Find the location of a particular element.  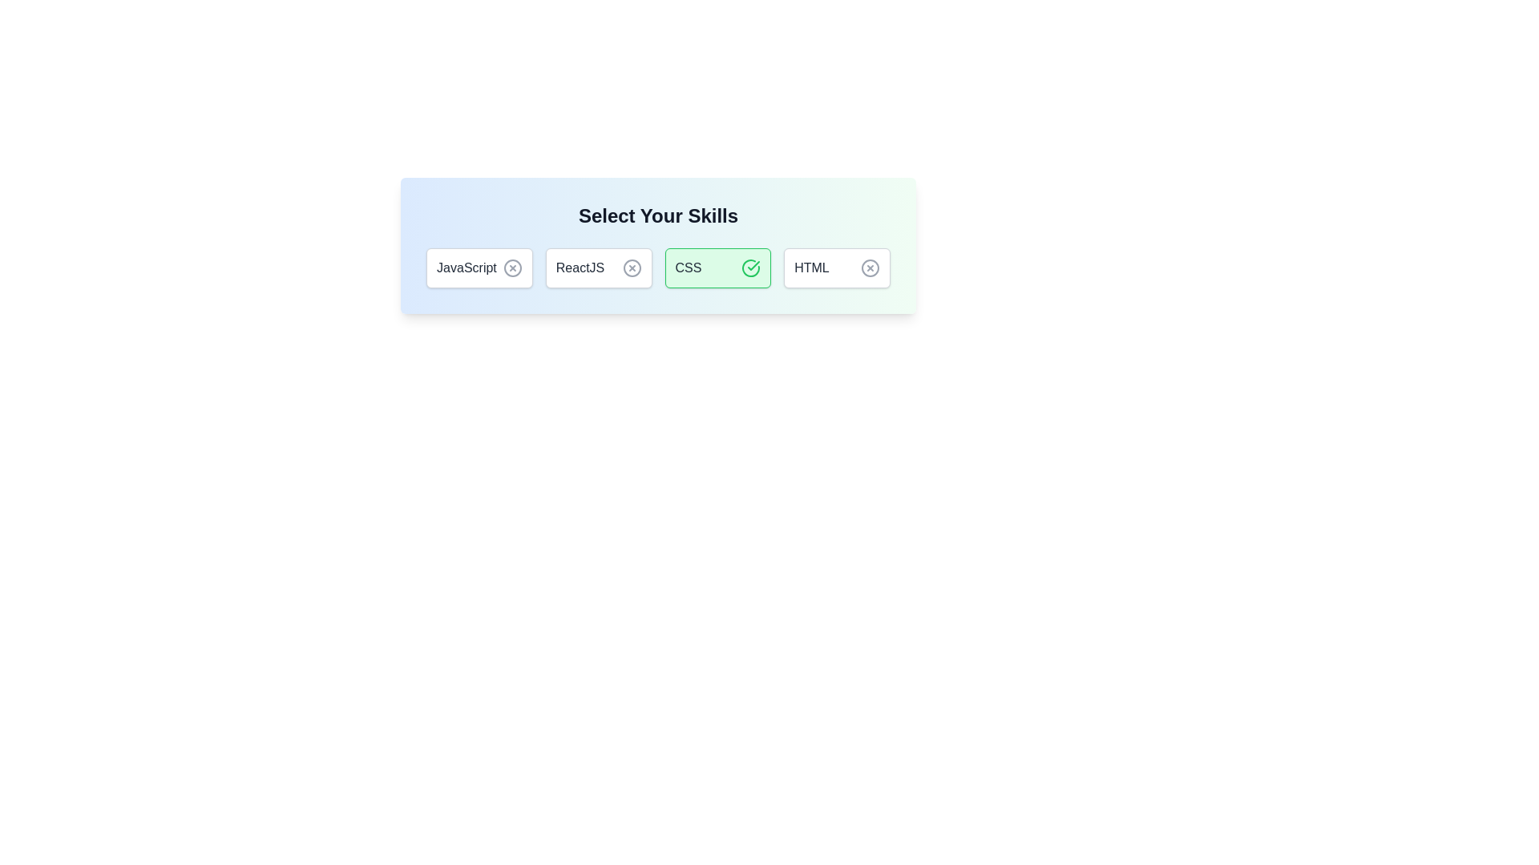

the button corresponding to HTML to toggle its selection state is located at coordinates (835, 268).